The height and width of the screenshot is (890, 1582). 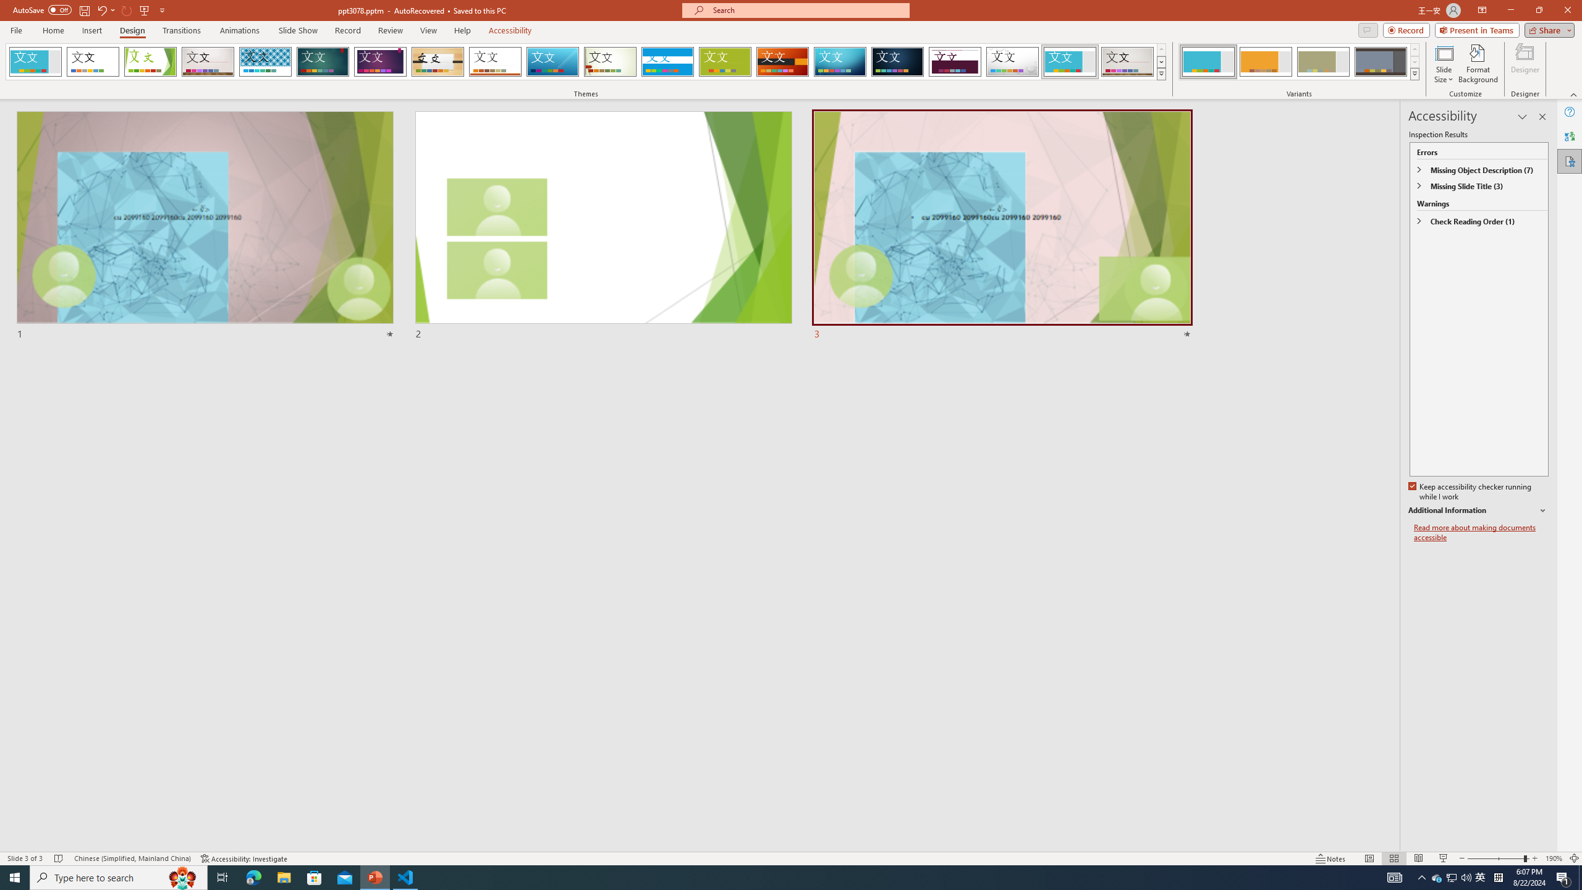 What do you see at coordinates (1554, 858) in the screenshot?
I see `'Zoom 190%'` at bounding box center [1554, 858].